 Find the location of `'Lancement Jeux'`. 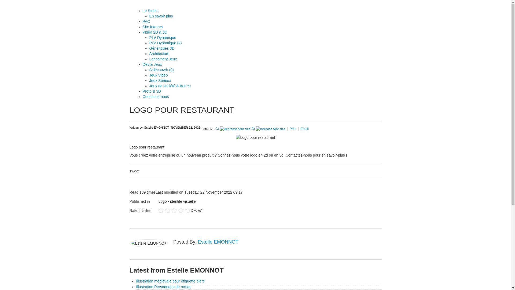

'Lancement Jeux' is located at coordinates (163, 59).